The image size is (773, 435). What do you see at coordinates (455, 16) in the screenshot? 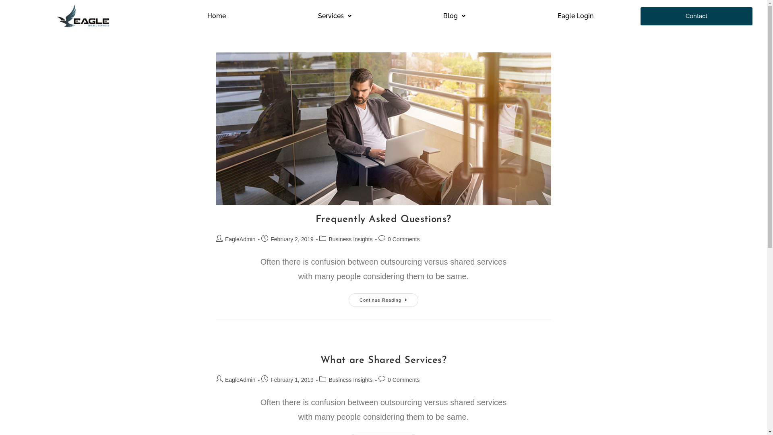
I see `'Blog'` at bounding box center [455, 16].